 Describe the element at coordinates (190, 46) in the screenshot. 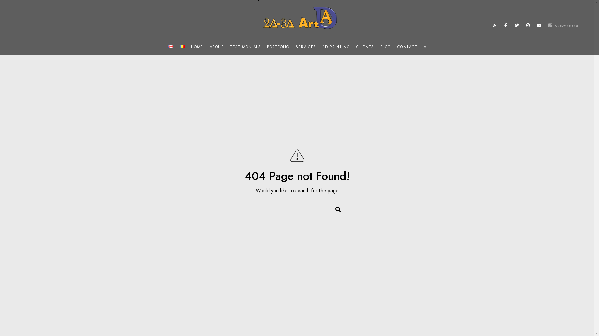

I see `'HOME'` at that location.